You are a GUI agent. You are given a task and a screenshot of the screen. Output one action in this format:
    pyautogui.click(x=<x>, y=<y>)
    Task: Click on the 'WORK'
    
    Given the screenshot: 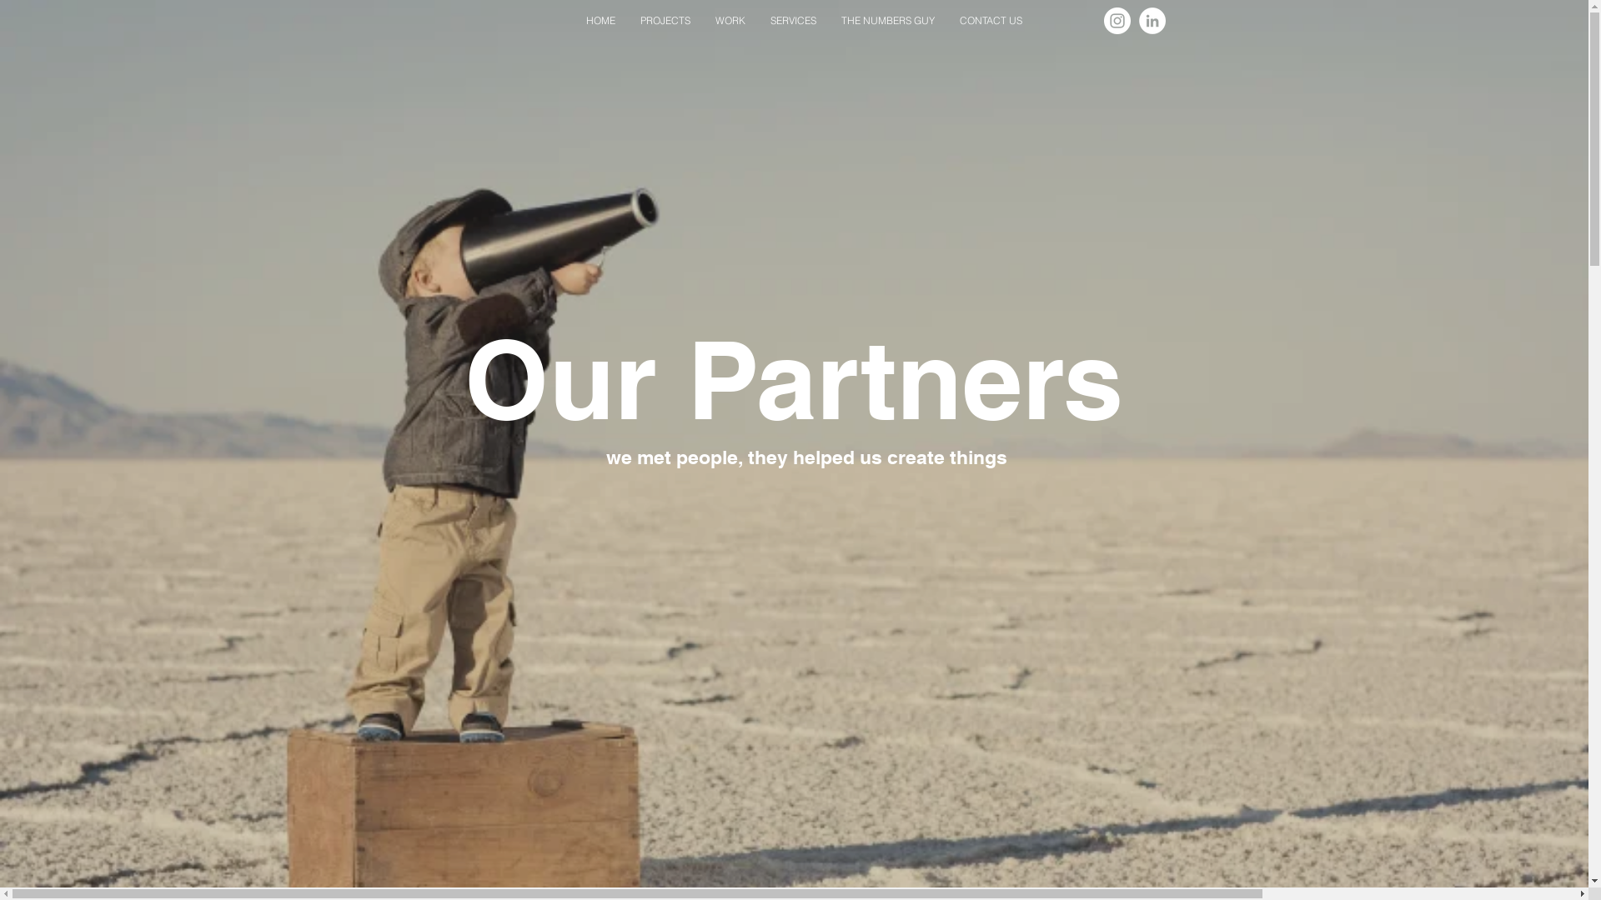 What is the action you would take?
    pyautogui.click(x=730, y=20)
    